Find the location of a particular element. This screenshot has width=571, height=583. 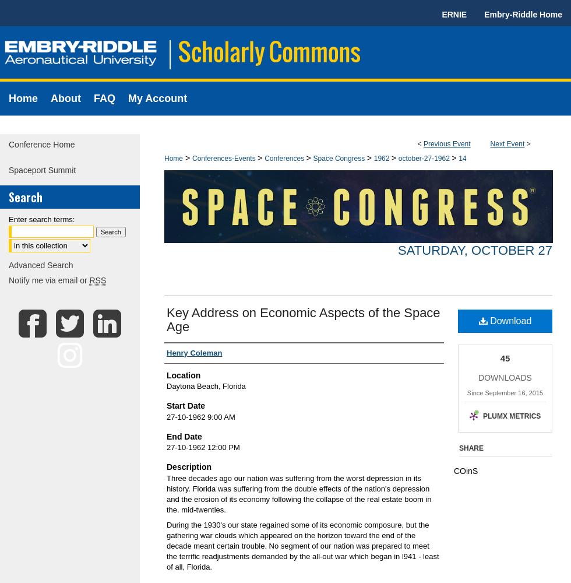

'Three decades ago our nation was suffering from the worst depression in its history. Florida was suffering from the double effects of the nation's depression and the erosion of its economy following the collapse of the real estate boom in the. mid-twenties.' is located at coordinates (299, 493).